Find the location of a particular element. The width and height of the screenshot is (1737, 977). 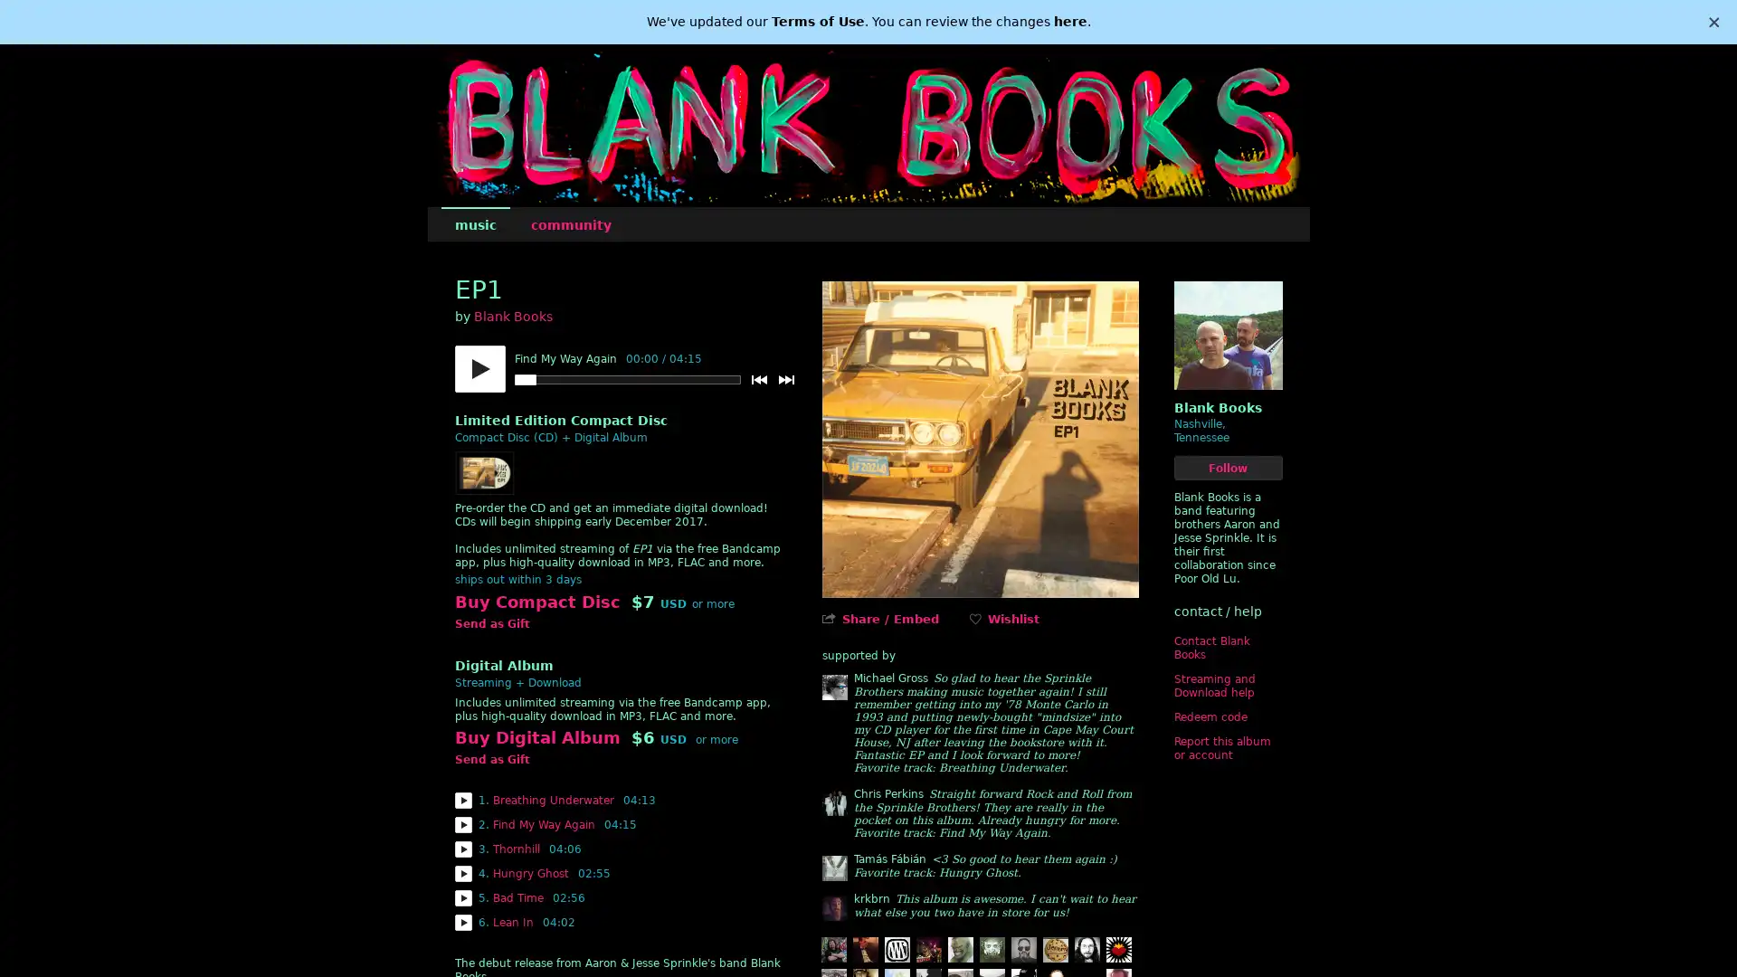

Send as Gift is located at coordinates (491, 760).